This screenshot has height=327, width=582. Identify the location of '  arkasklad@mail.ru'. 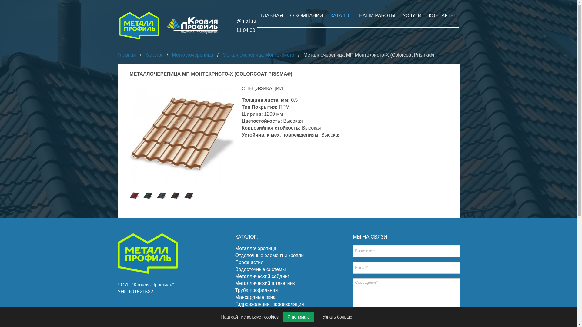
(229, 21).